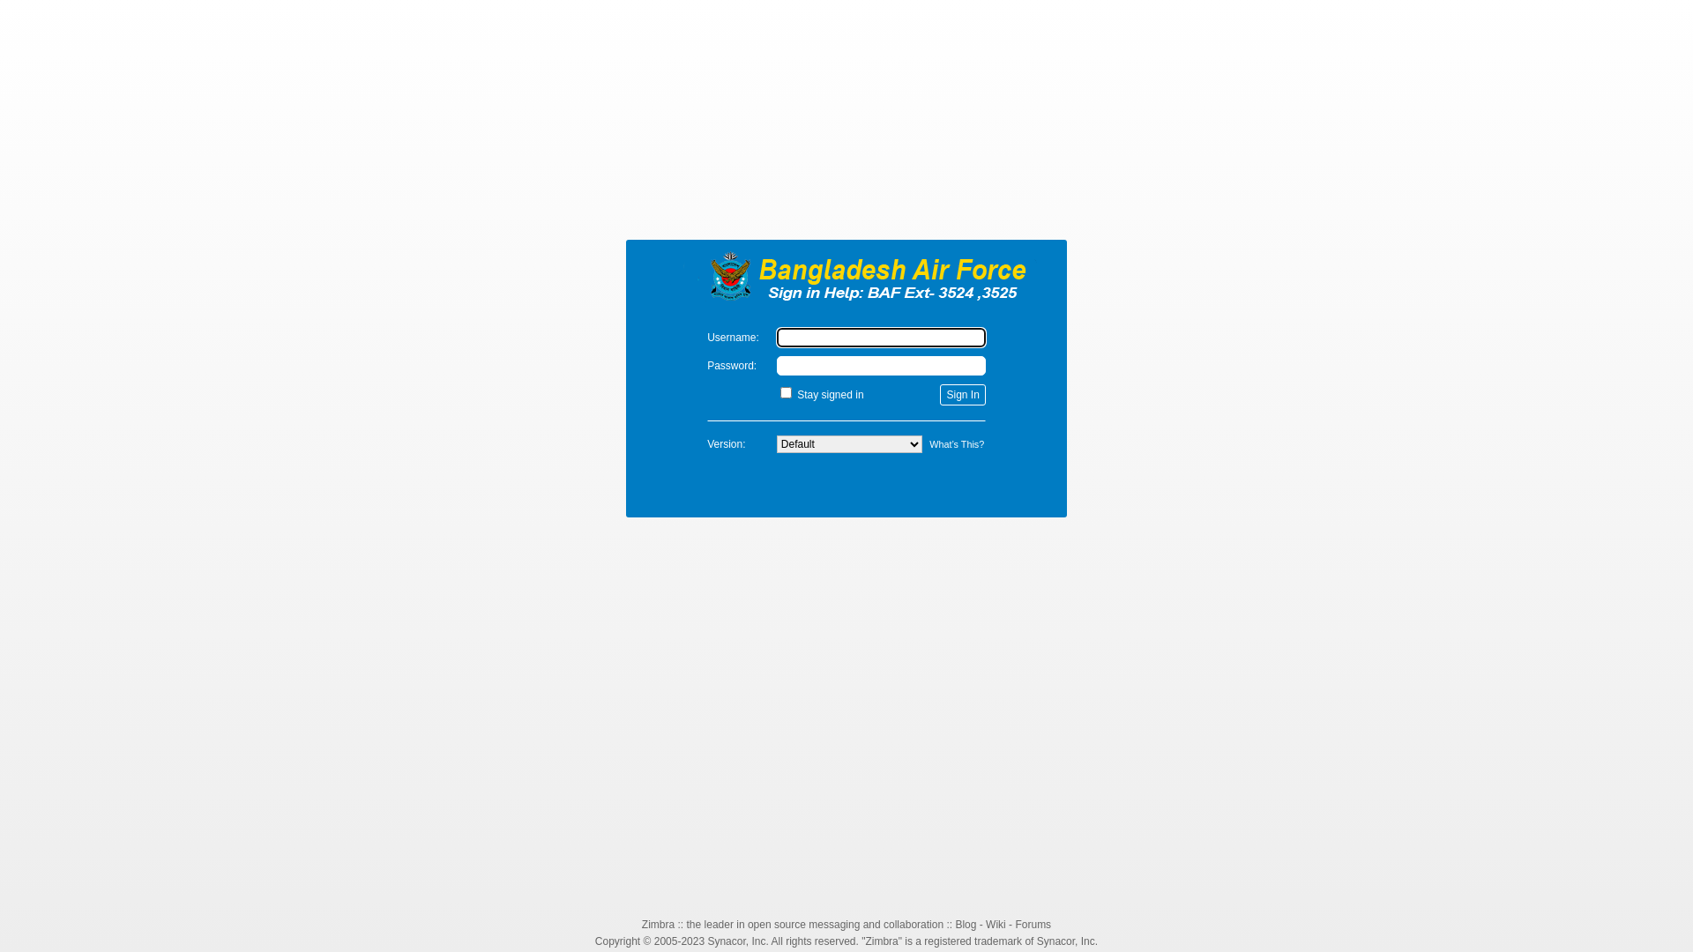 This screenshot has height=952, width=1693. What do you see at coordinates (657, 924) in the screenshot?
I see `'Zimbra'` at bounding box center [657, 924].